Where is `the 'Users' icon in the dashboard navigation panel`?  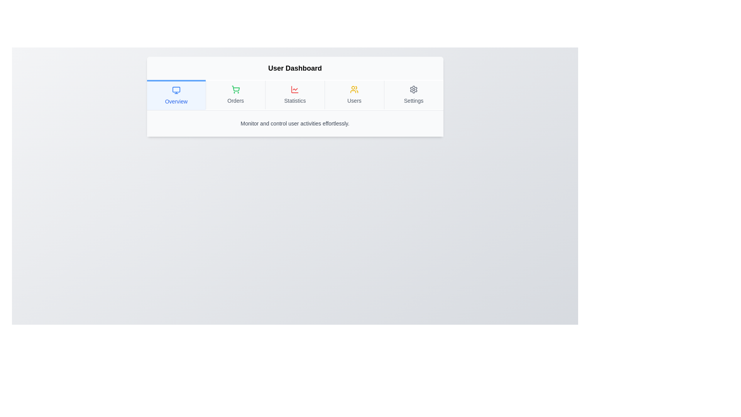 the 'Users' icon in the dashboard navigation panel is located at coordinates (354, 89).